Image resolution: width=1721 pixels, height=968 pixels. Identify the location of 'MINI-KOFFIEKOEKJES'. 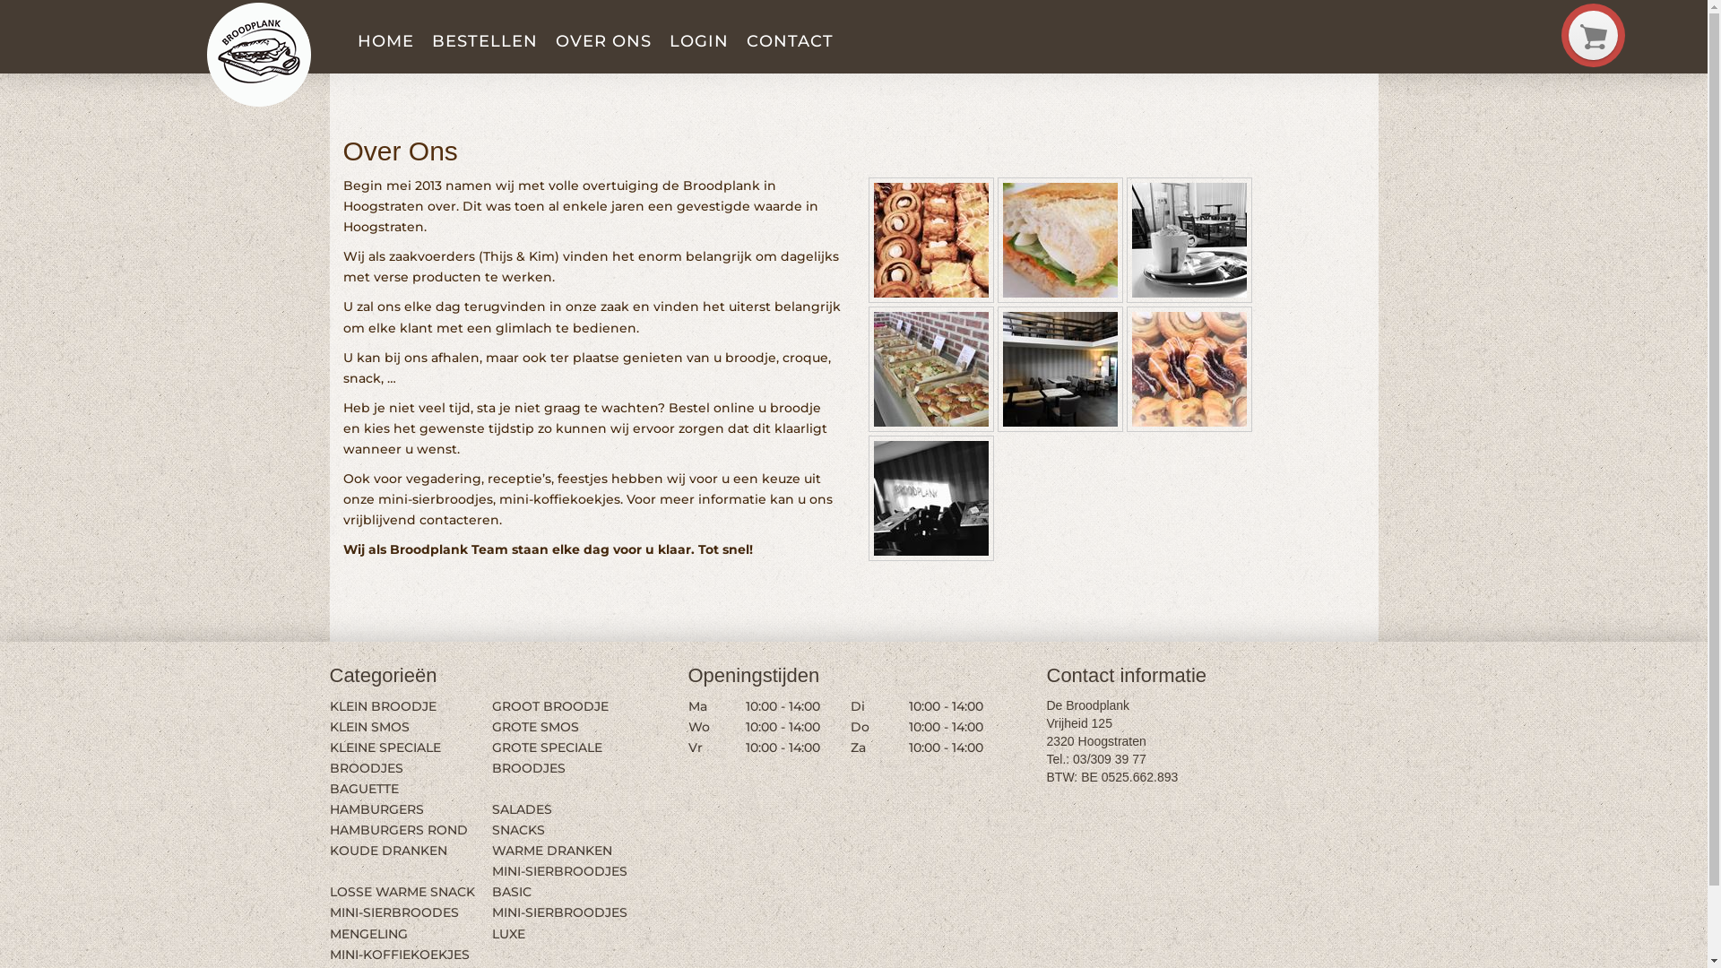
(399, 953).